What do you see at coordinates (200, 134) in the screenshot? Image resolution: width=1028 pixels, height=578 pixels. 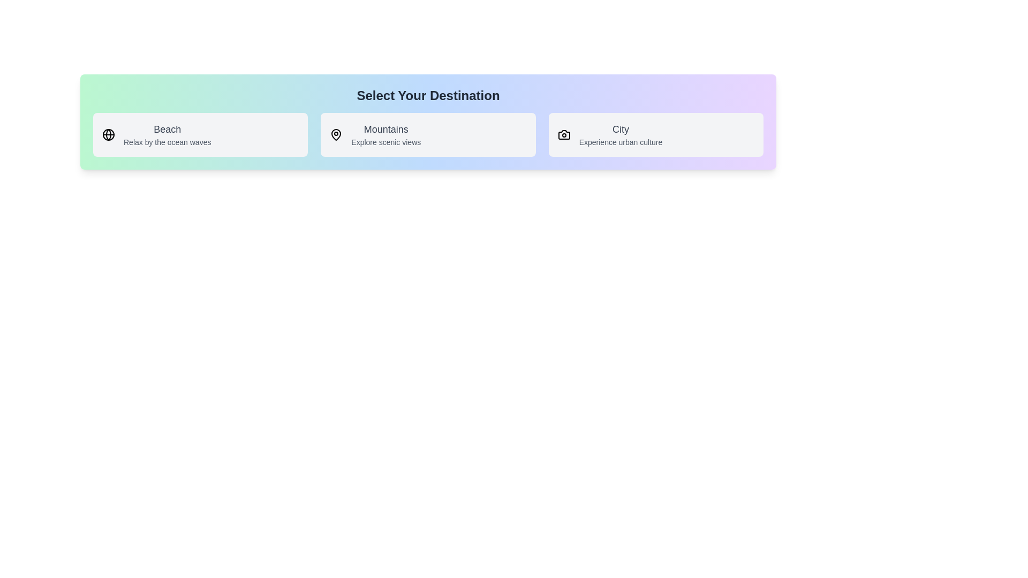 I see `the 'Beach' card component to trigger the animation effect, which is the first card in a grid layout of destination cards` at bounding box center [200, 134].